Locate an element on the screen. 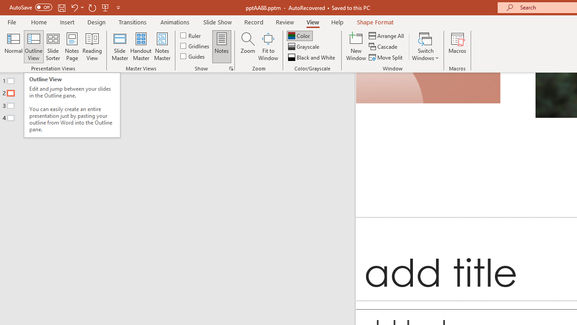 This screenshot has height=325, width=577. 'Cascade' is located at coordinates (384, 46).